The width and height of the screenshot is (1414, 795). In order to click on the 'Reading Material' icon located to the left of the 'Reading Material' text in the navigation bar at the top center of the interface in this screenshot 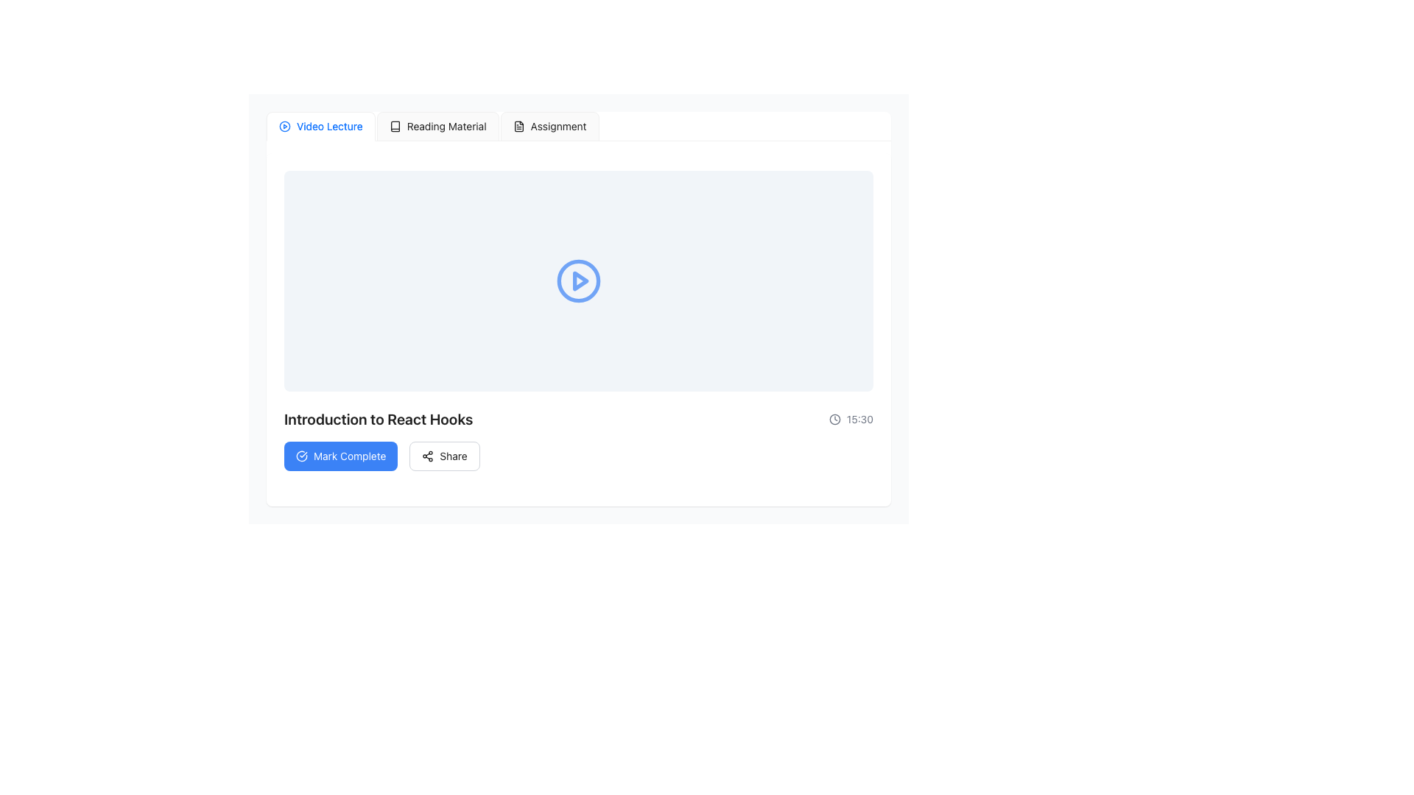, I will do `click(395, 126)`.